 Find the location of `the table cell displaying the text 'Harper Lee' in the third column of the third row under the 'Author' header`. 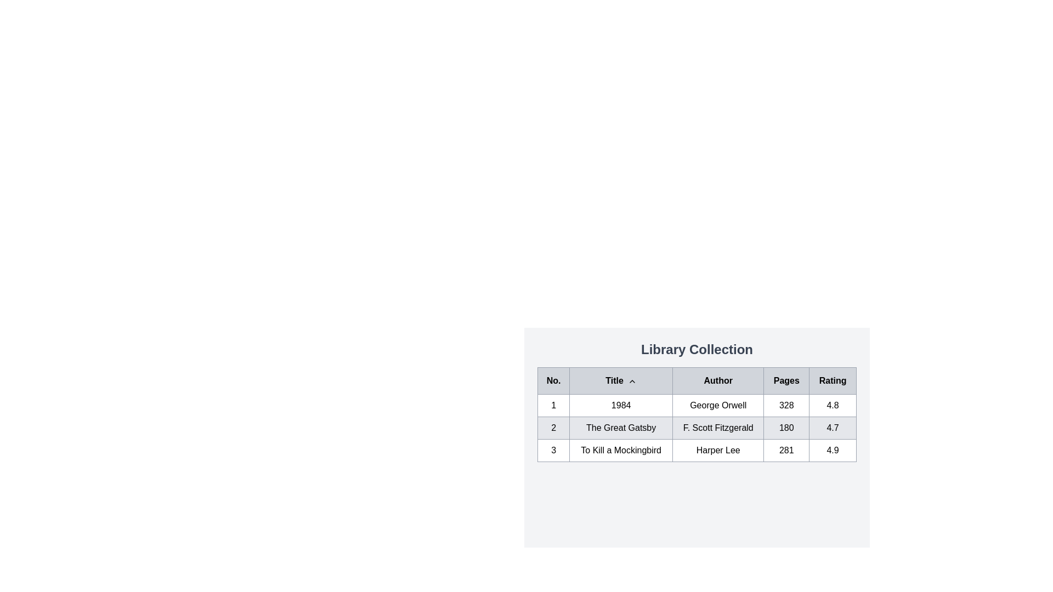

the table cell displaying the text 'Harper Lee' in the third column of the third row under the 'Author' header is located at coordinates (718, 450).